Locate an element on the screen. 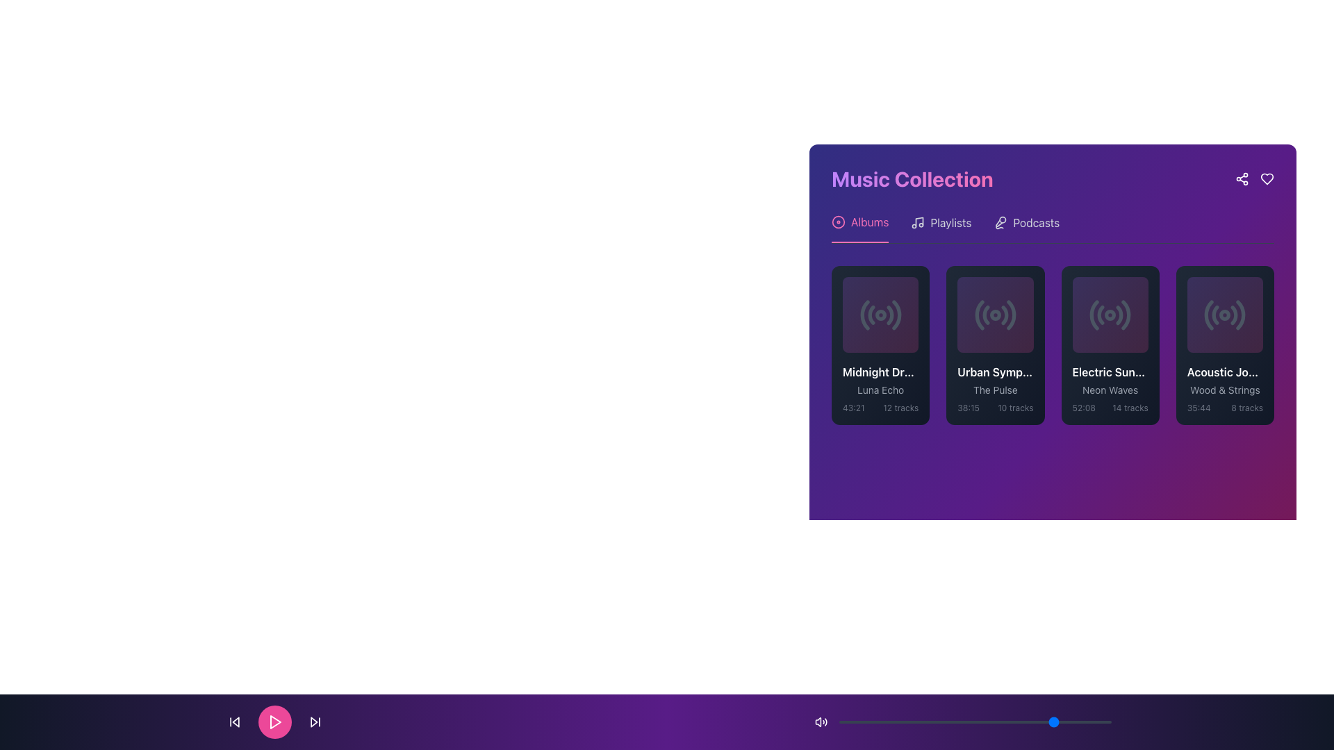 This screenshot has height=750, width=1334. the central play button in the footer bar, which is styled with a gradient background and encircled in pink is located at coordinates (667, 722).